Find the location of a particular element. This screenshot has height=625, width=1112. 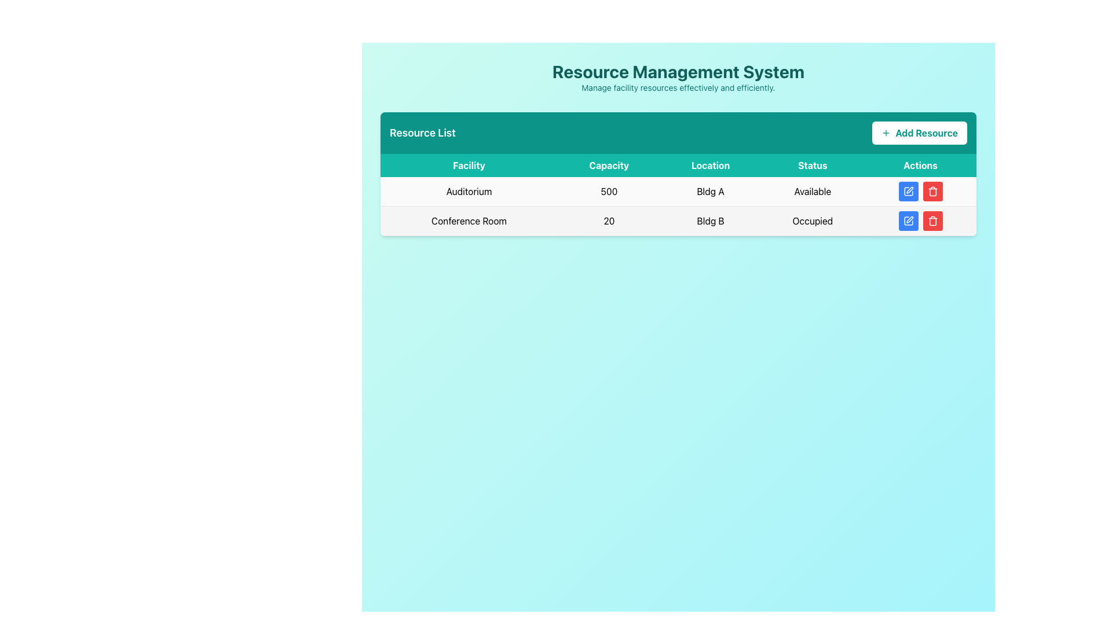

the 'Resource List' text label located in the upper-left part of the teal header bar, which indicates that this area pertains to a list of resources is located at coordinates (422, 133).